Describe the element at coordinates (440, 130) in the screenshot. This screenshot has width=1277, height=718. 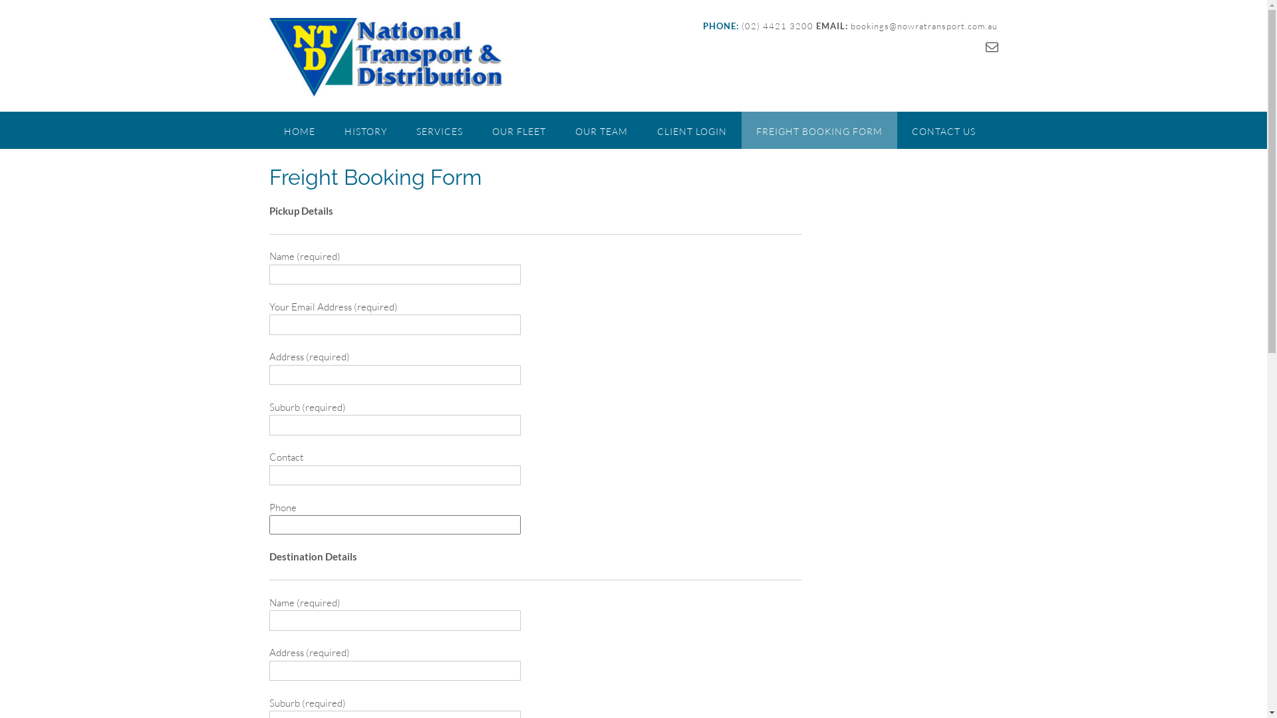
I see `'SERVICES'` at that location.